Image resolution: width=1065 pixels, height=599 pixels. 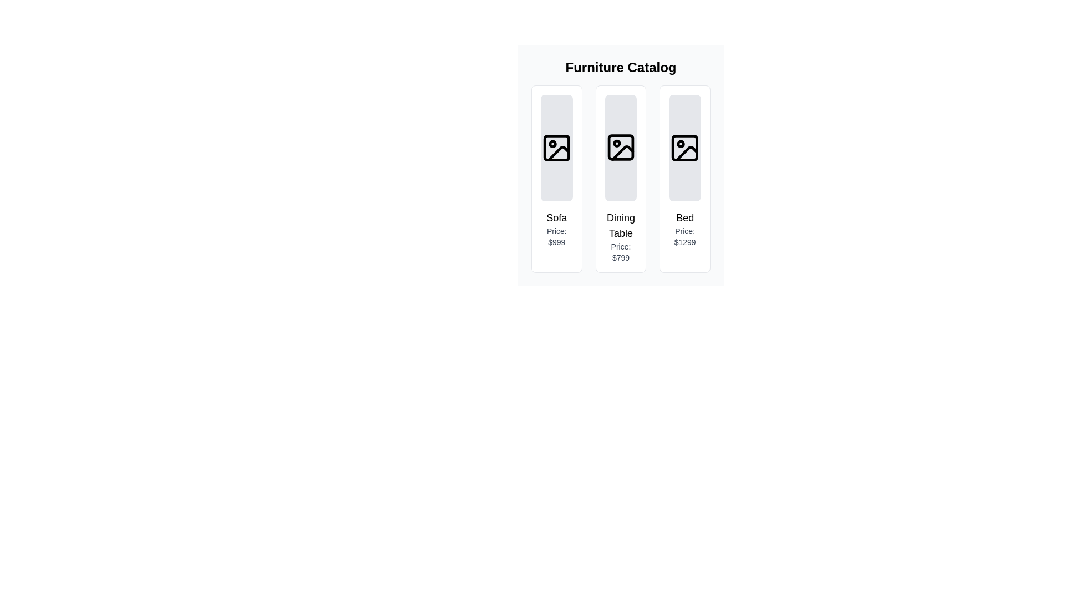 What do you see at coordinates (620, 225) in the screenshot?
I see `the text label displaying 'Dining Table' located in the central panel, which is below an image placeholder and above the text 'Price: $799'` at bounding box center [620, 225].